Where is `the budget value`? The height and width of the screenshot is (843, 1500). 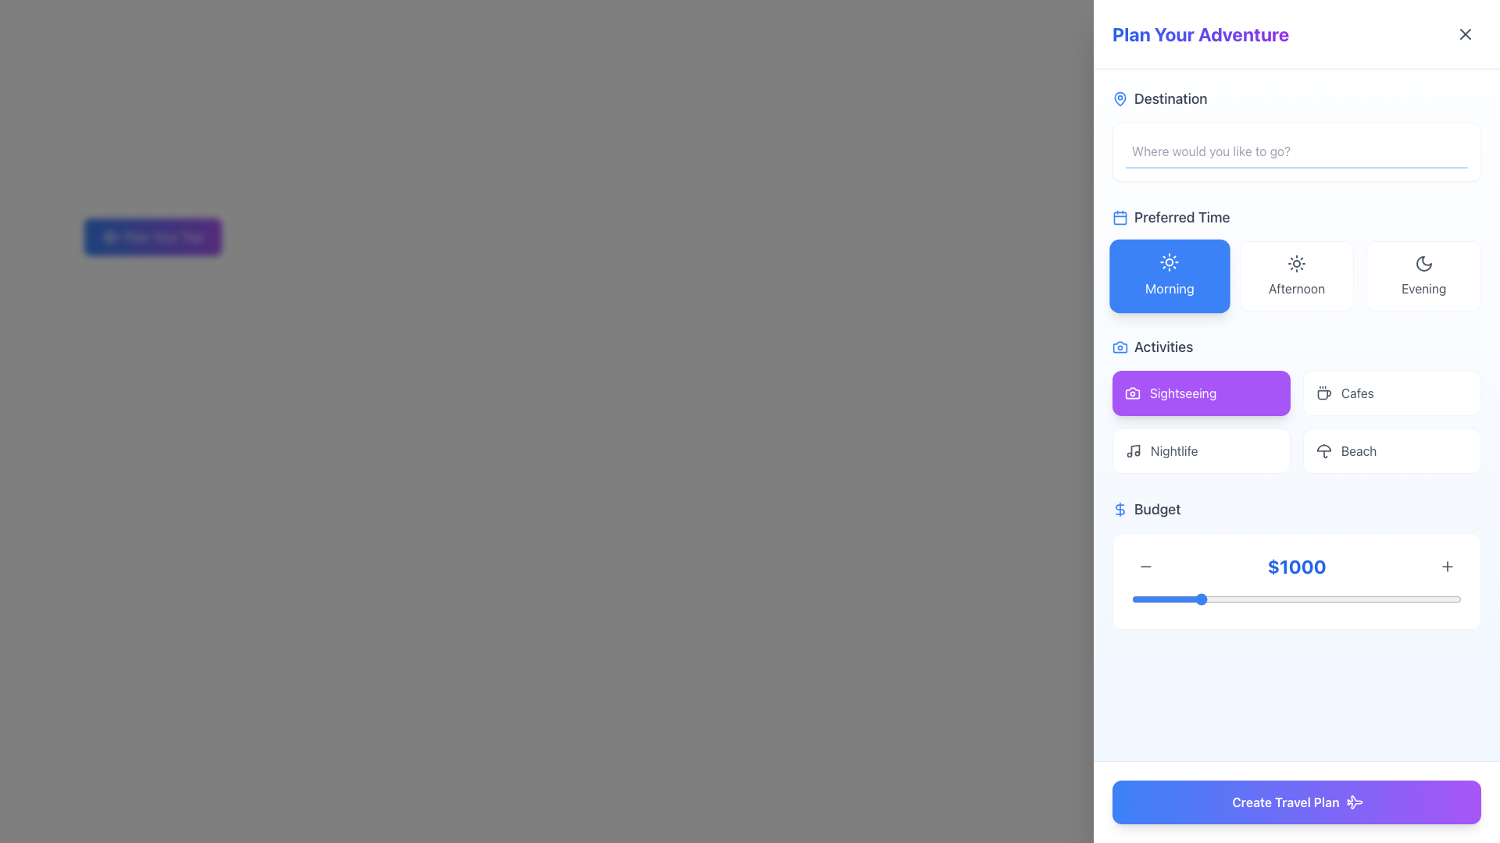
the budget value is located at coordinates (1453, 598).